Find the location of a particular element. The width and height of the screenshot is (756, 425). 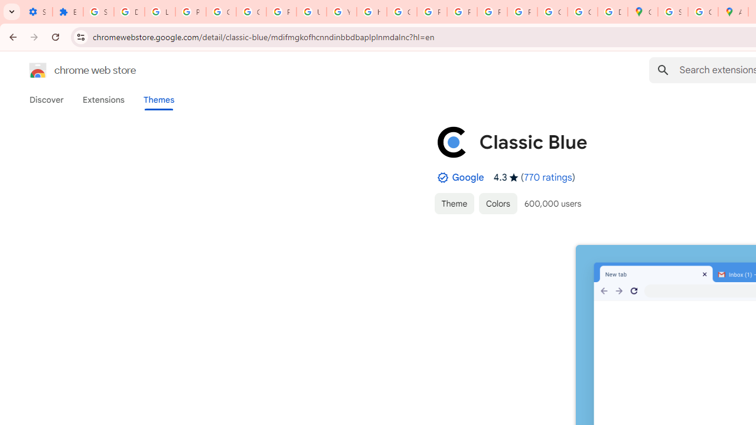

'Google Account Help' is located at coordinates (221, 12).